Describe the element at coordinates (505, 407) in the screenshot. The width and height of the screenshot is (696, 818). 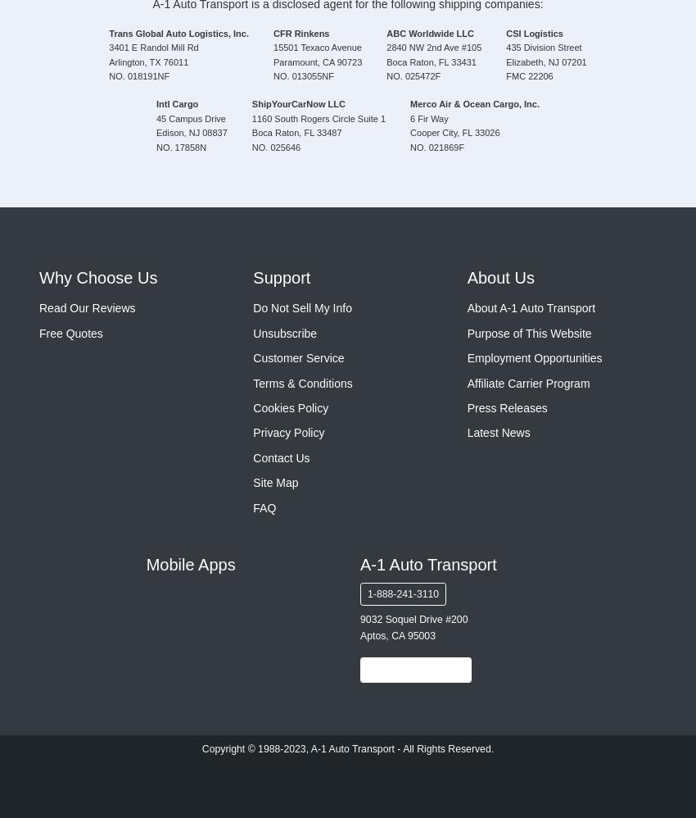
I see `'Press Releases'` at that location.